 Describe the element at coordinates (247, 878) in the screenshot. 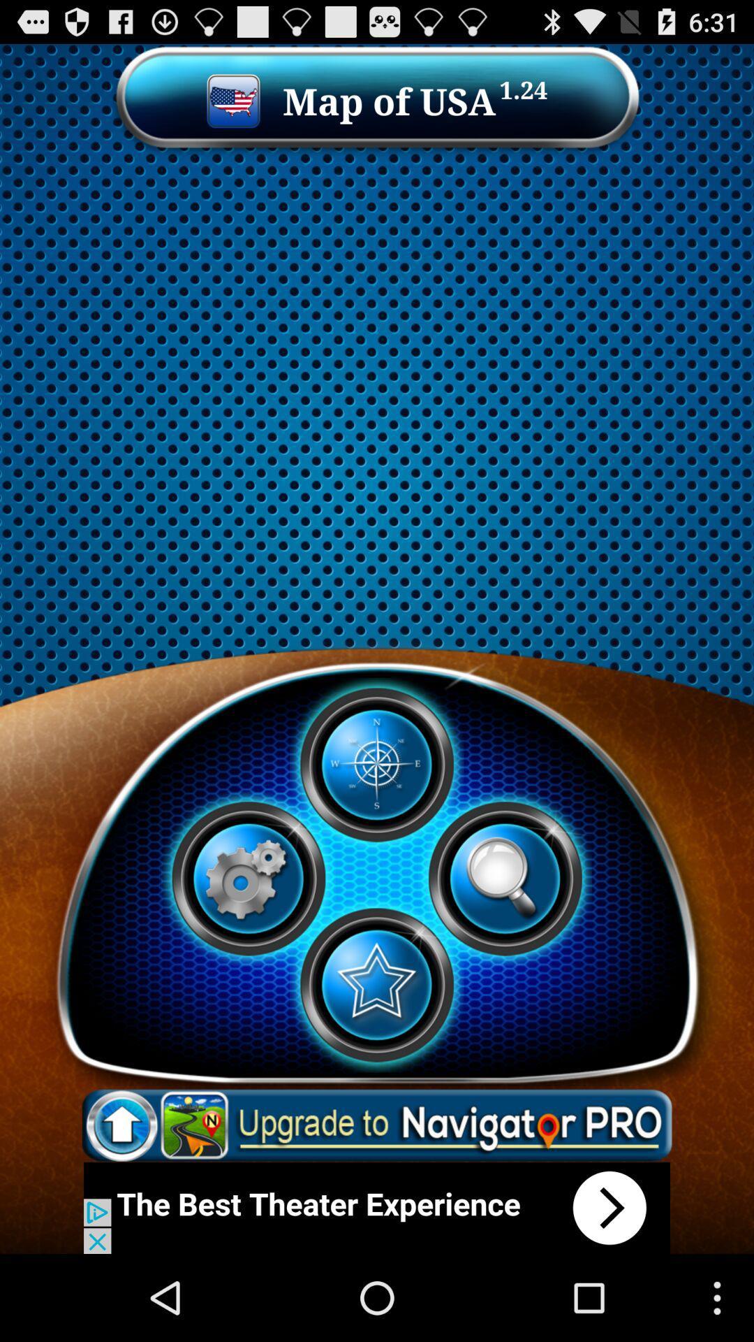

I see `setting` at that location.